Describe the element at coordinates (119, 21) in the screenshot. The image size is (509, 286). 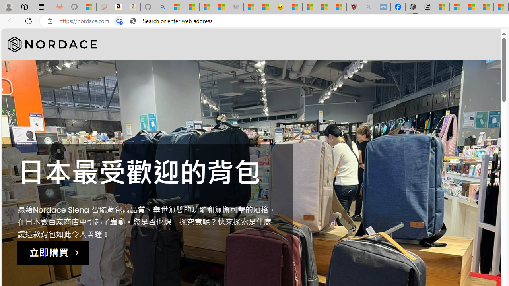
I see `'Tabs in split screen'` at that location.